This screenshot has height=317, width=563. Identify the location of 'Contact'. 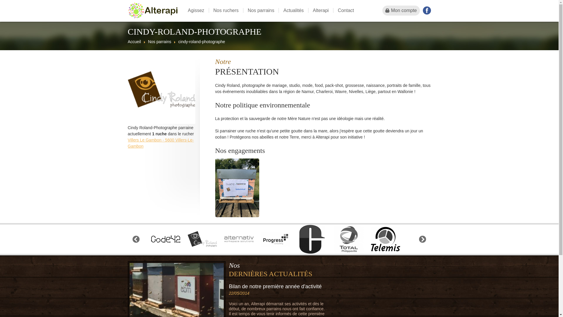
(346, 10).